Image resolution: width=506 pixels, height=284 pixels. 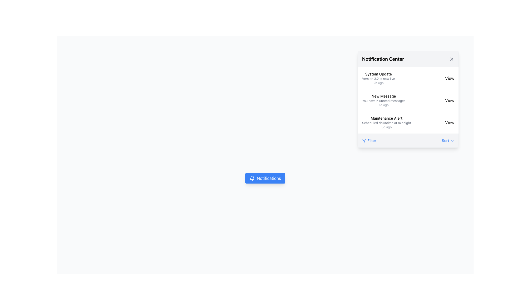 I want to click on the notification entry titled 'Maintenance Alert' with the description 'Scheduled downtime at midnight' in the Notification Center panel, so click(x=408, y=123).